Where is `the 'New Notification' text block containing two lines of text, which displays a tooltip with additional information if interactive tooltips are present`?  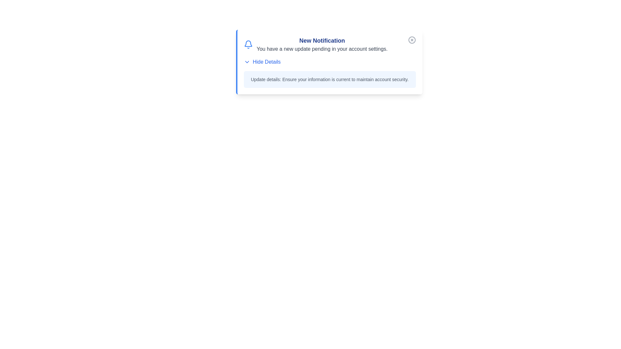
the 'New Notification' text block containing two lines of text, which displays a tooltip with additional information if interactive tooltips are present is located at coordinates (322, 44).